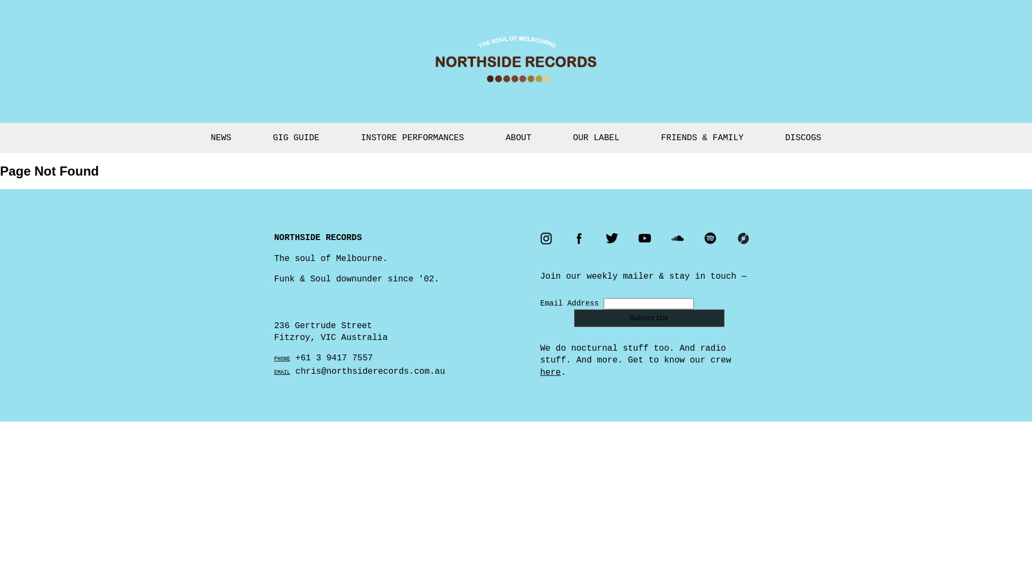 The image size is (1032, 580). What do you see at coordinates (412, 137) in the screenshot?
I see `'INSTORE PERFORMANCES'` at bounding box center [412, 137].